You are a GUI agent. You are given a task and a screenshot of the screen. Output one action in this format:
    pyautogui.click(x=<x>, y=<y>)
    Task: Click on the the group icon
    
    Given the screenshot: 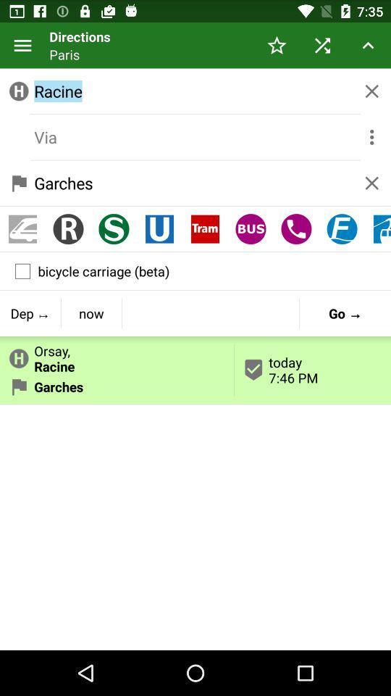 What is the action you would take?
    pyautogui.click(x=67, y=245)
    